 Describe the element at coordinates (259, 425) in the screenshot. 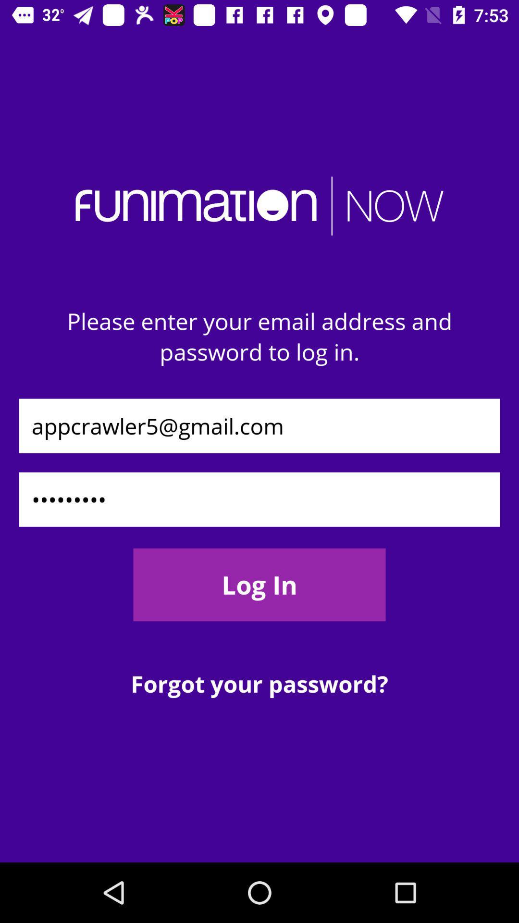

I see `icon above crowd3116 icon` at that location.